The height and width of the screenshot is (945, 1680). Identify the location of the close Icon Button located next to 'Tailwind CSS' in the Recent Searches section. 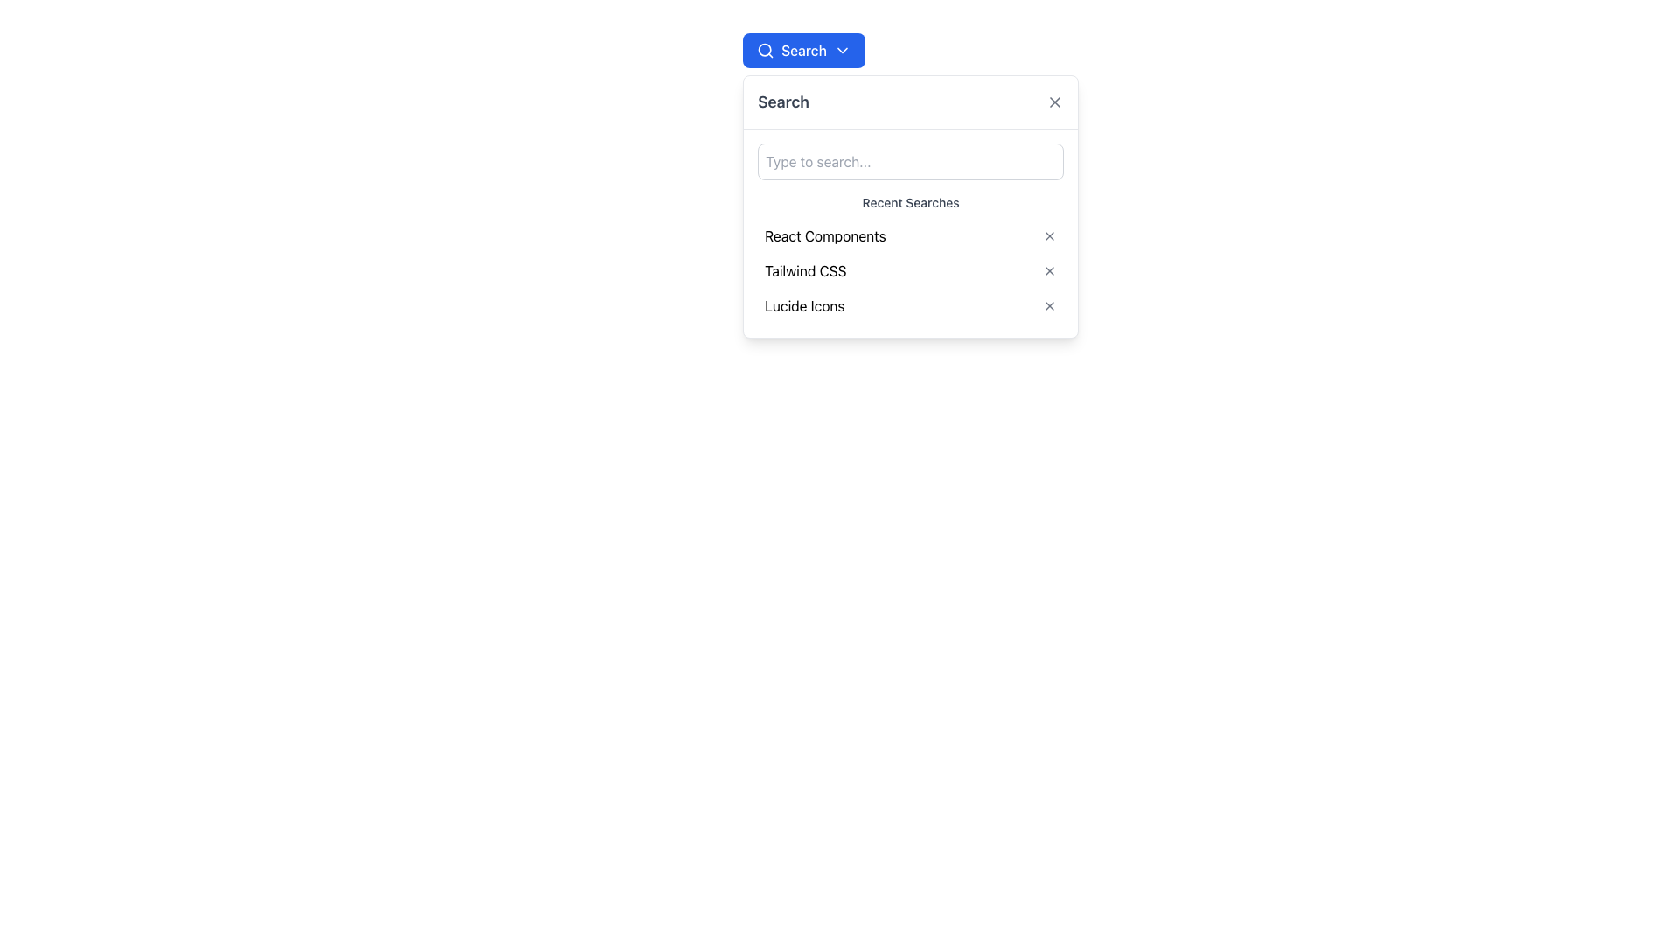
(1050, 270).